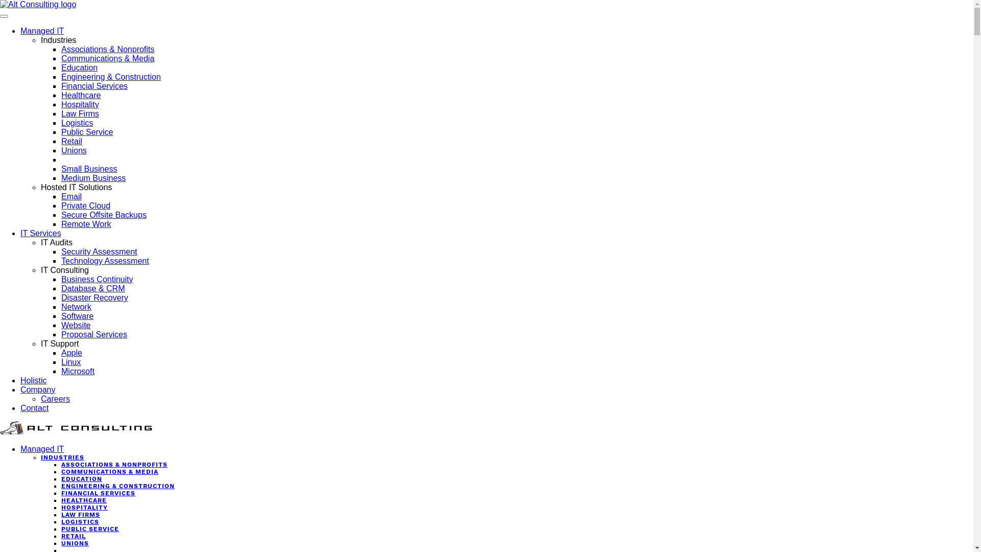 This screenshot has width=981, height=552. Describe the element at coordinates (71, 361) in the screenshot. I see `'Linux'` at that location.